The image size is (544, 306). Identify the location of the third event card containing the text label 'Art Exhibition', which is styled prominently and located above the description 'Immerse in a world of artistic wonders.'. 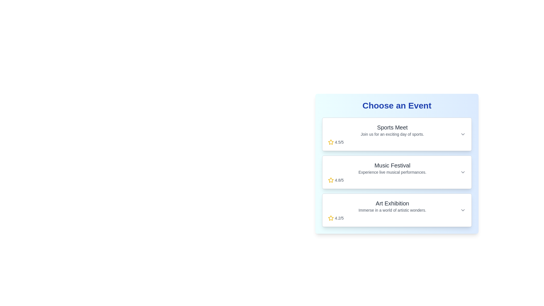
(392, 203).